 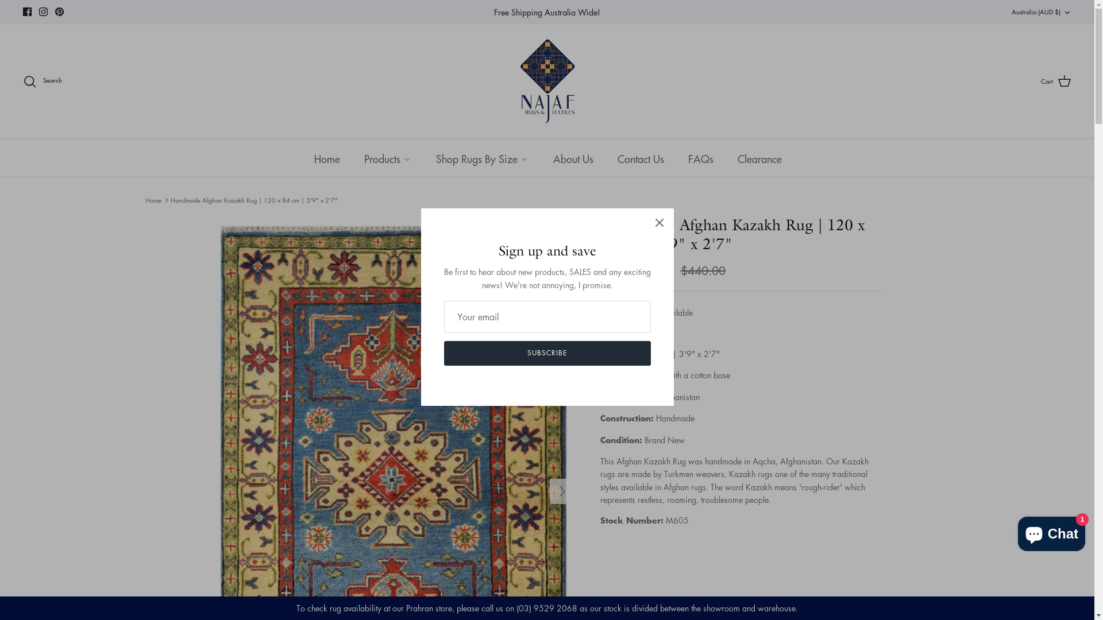 What do you see at coordinates (1056, 81) in the screenshot?
I see `'Cart'` at bounding box center [1056, 81].